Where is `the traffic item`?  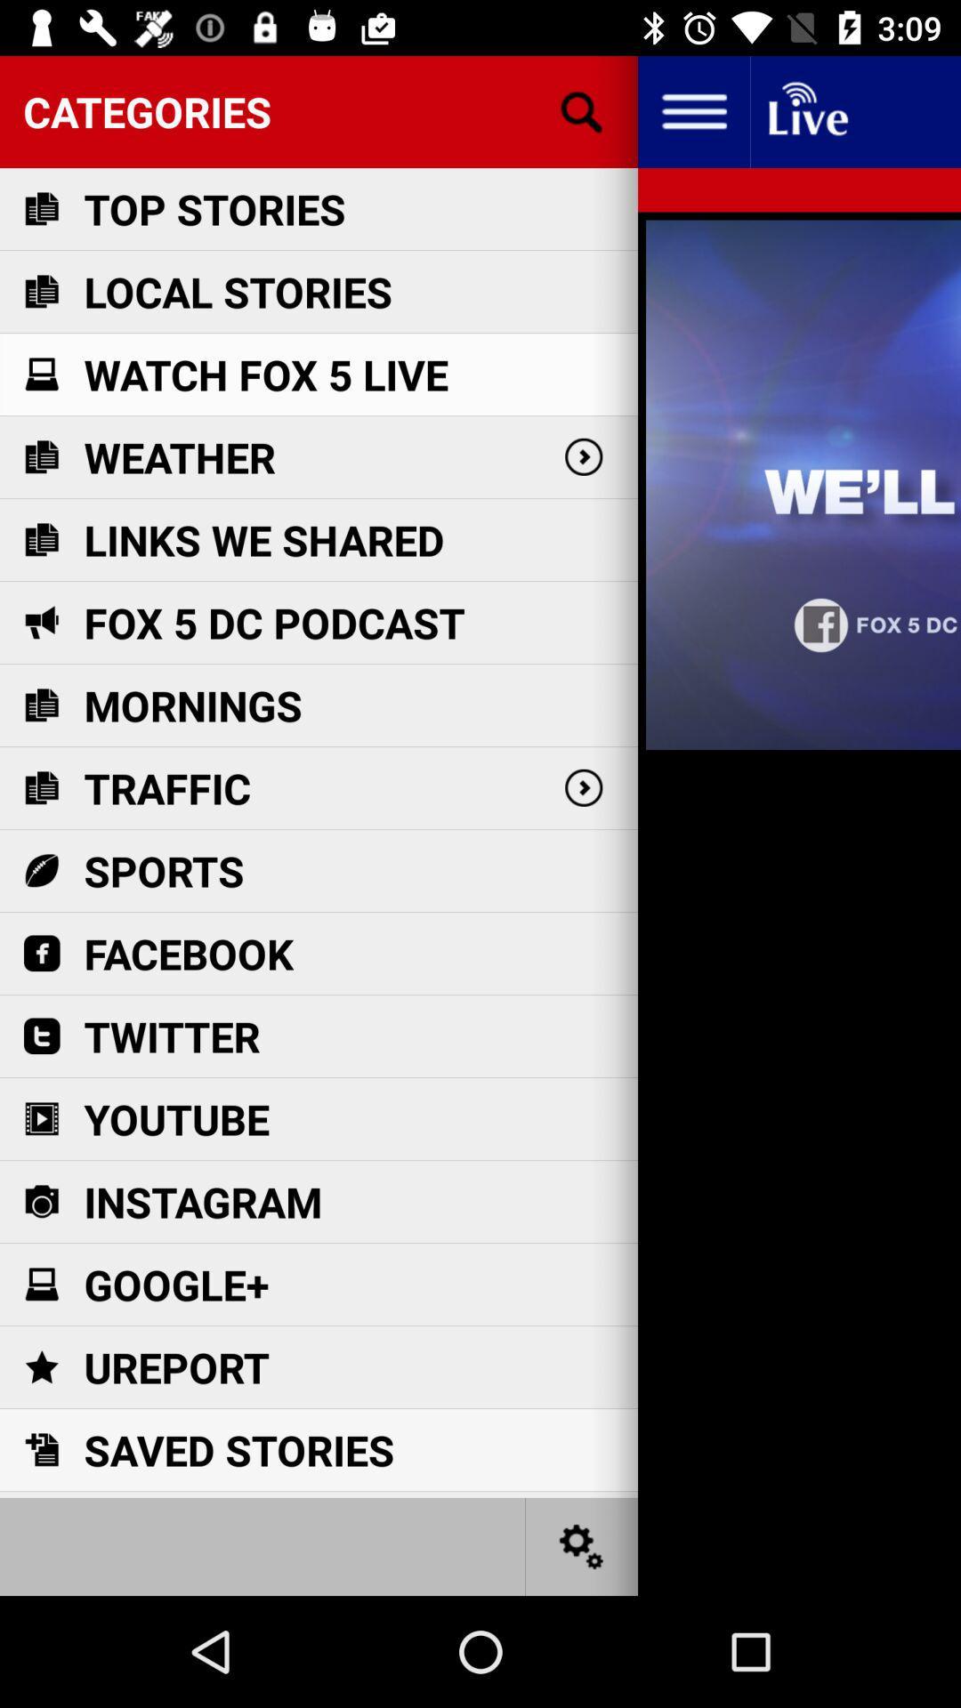 the traffic item is located at coordinates (167, 787).